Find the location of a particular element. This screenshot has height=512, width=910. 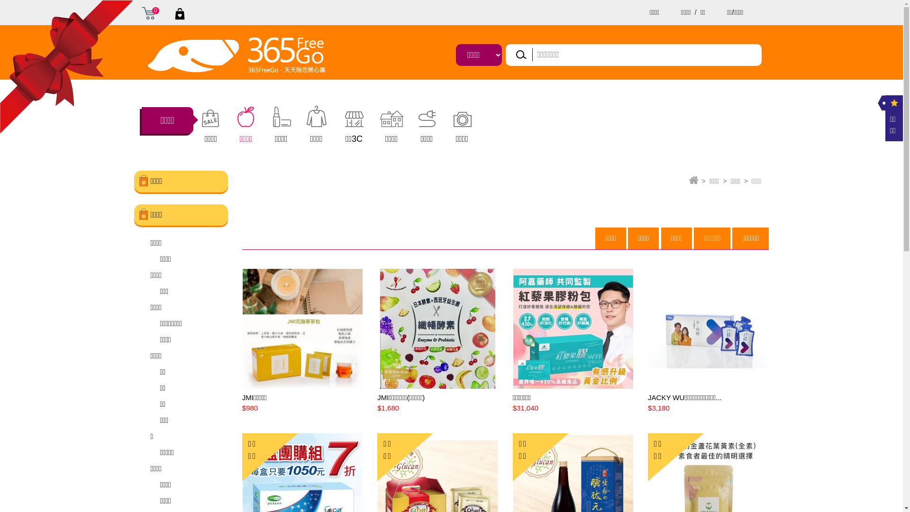

'0' is located at coordinates (147, 13).